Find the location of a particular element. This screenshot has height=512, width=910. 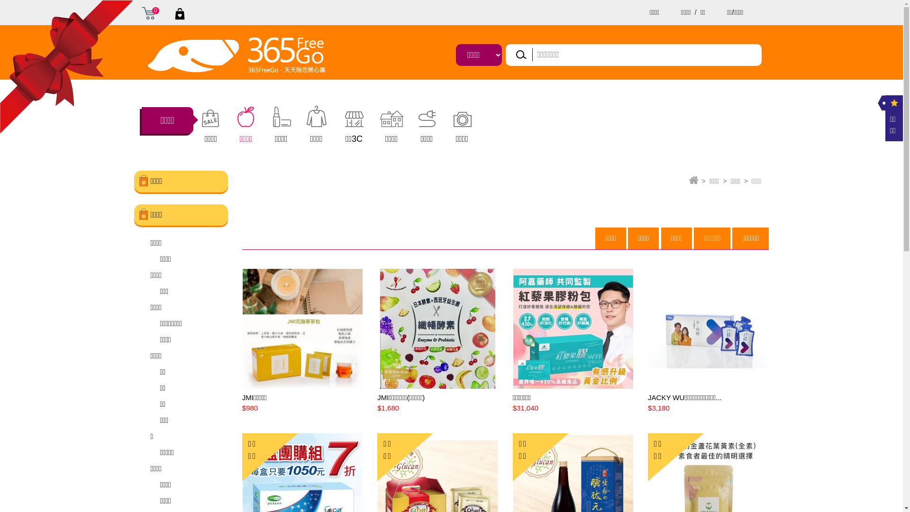

'0' is located at coordinates (147, 13).